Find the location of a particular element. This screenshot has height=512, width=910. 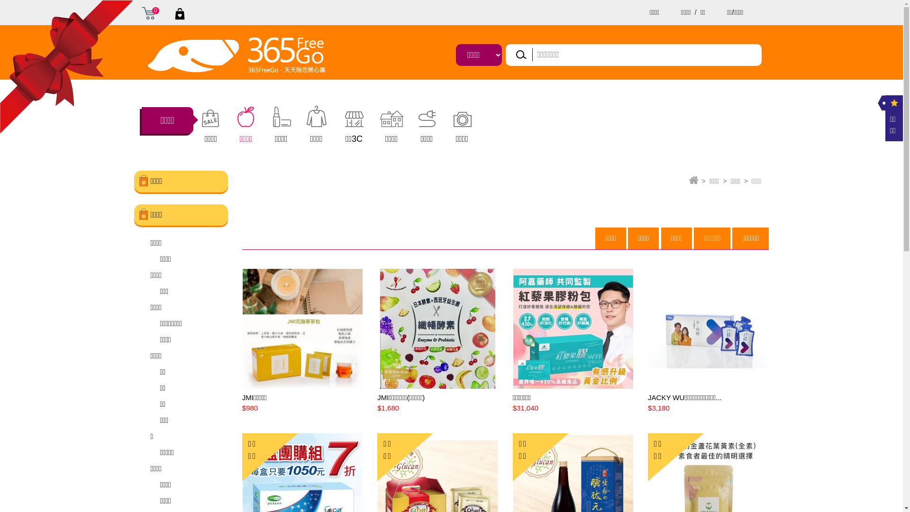

'0' is located at coordinates (147, 13).